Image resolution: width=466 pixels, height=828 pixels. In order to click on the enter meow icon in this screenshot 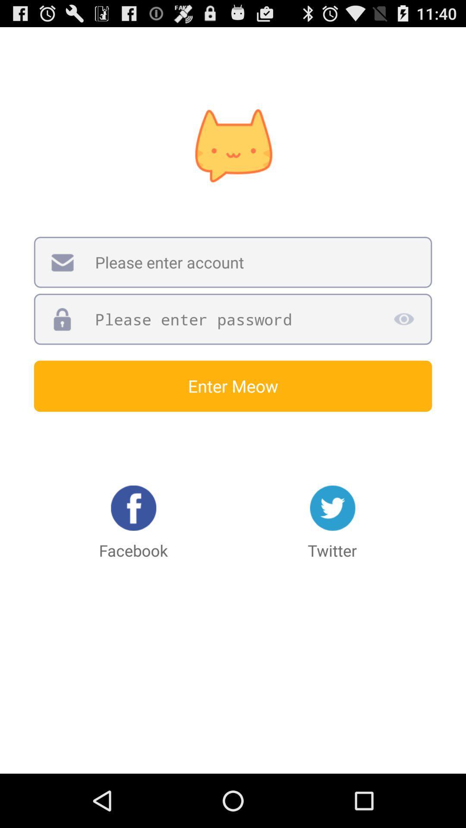, I will do `click(233, 386)`.